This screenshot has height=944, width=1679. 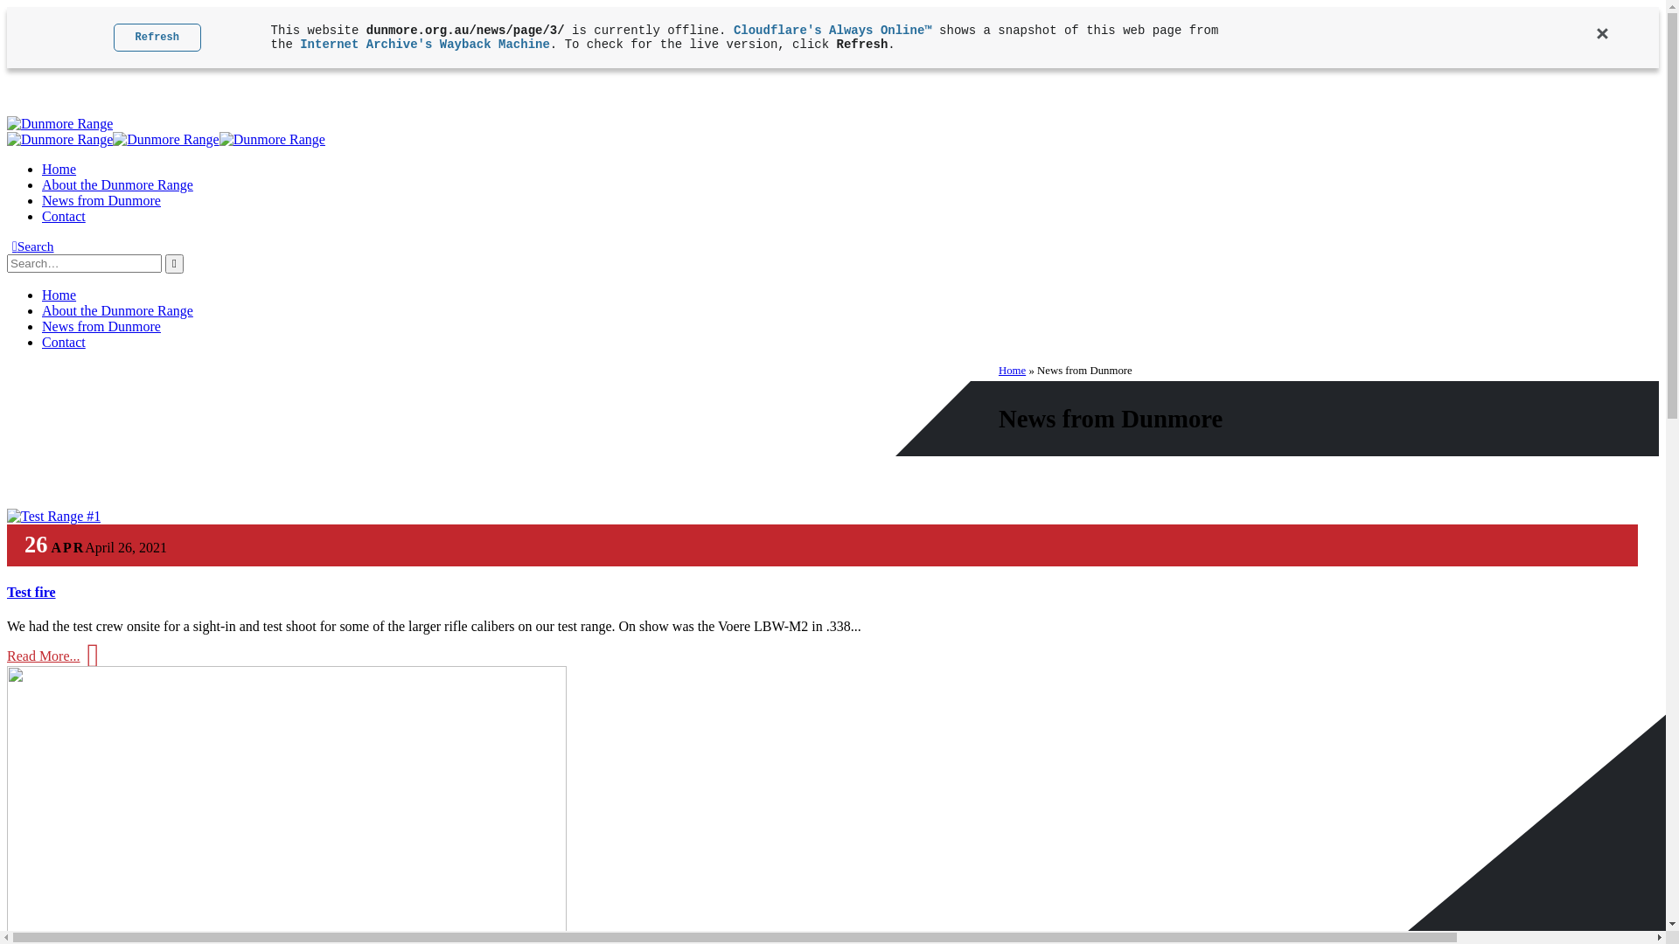 I want to click on 'Dunmore Range - Dunmore Range Association', so click(x=7, y=138).